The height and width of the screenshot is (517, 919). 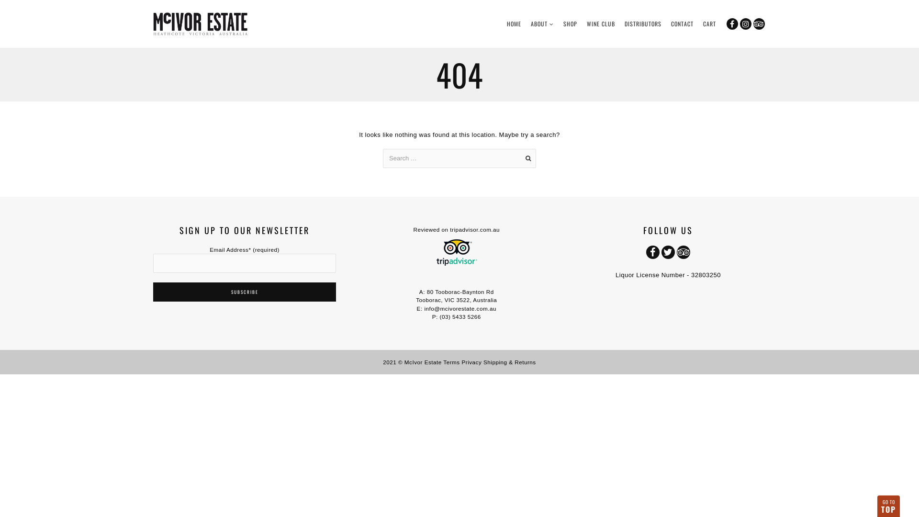 I want to click on 'ABOUT', so click(x=542, y=23).